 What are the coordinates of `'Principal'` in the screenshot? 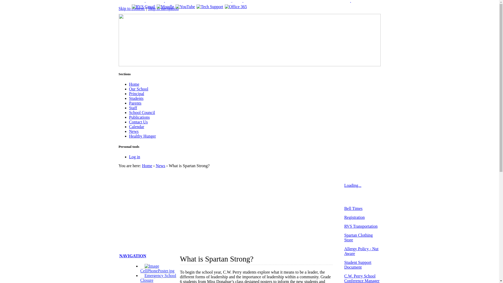 It's located at (136, 93).